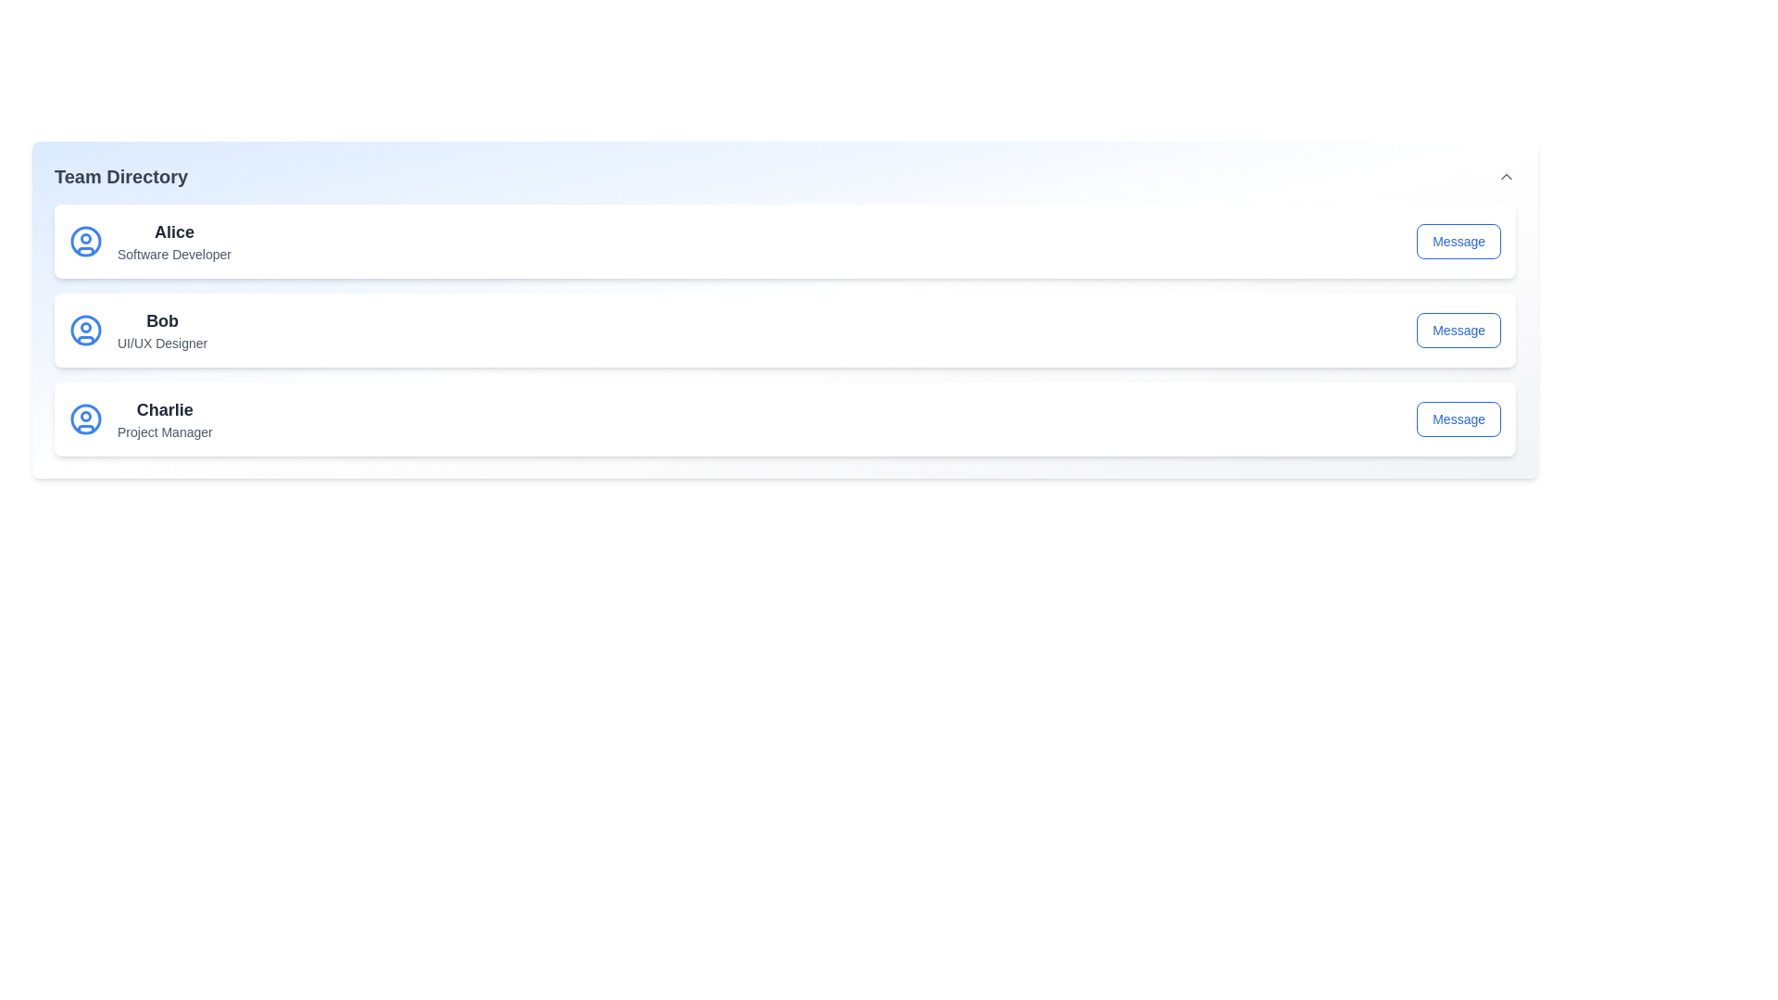 The height and width of the screenshot is (1000, 1778). What do you see at coordinates (162, 330) in the screenshot?
I see `the text block displaying 'Bob, UI/UX Designer', which is the second profile entry in the list, located beneath 'Alice, Software Developer' and above 'Charlie, Project Manager'` at bounding box center [162, 330].